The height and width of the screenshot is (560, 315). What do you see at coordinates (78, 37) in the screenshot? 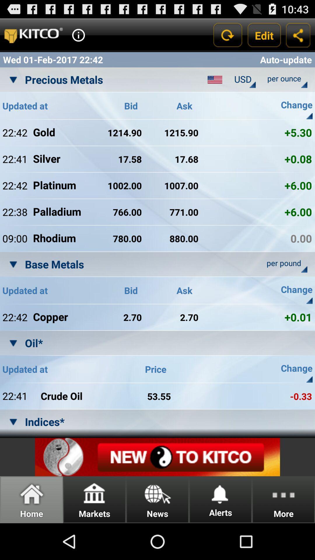
I see `the info icon` at bounding box center [78, 37].